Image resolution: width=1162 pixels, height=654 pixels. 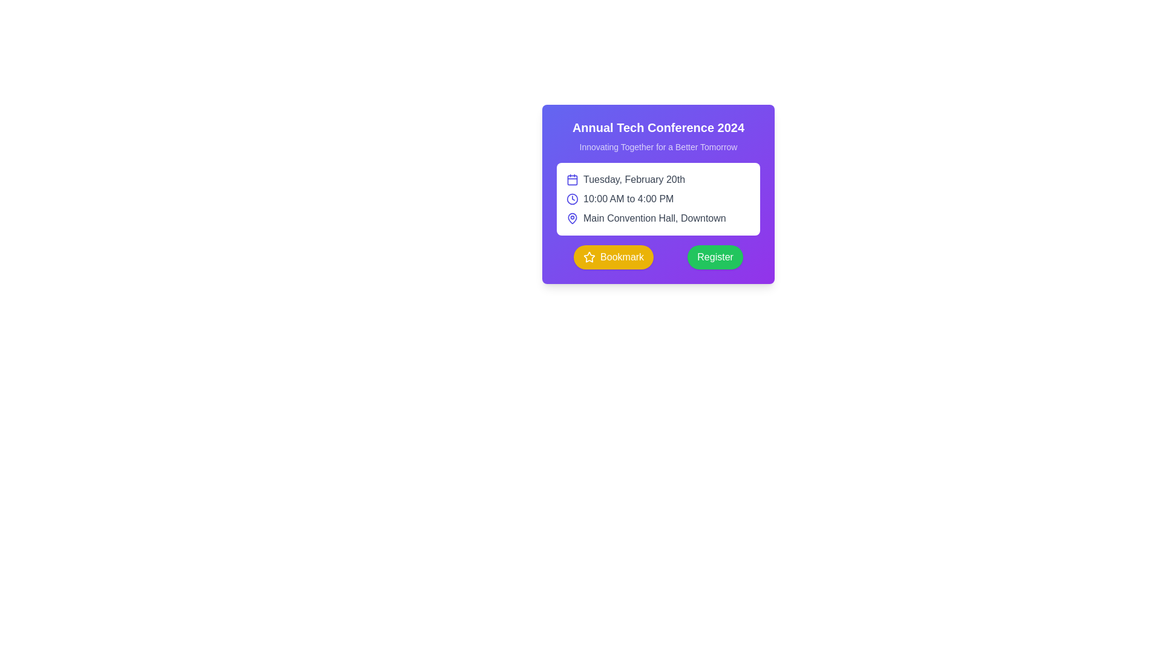 What do you see at coordinates (628, 198) in the screenshot?
I see `the text label indicating the event's time range, which is located in the second row of the content box within the rectangular purple card, next to a clock icon and below the date heading` at bounding box center [628, 198].